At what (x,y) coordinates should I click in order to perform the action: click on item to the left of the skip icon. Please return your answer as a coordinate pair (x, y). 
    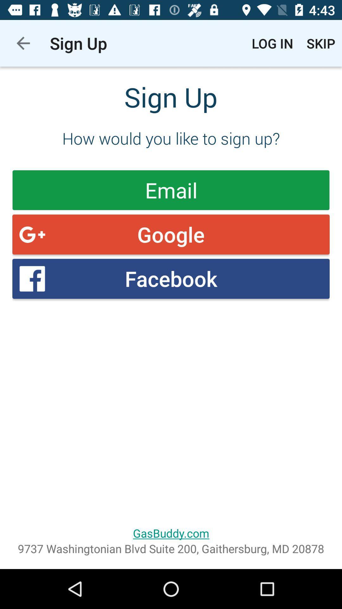
    Looking at the image, I should click on (272, 43).